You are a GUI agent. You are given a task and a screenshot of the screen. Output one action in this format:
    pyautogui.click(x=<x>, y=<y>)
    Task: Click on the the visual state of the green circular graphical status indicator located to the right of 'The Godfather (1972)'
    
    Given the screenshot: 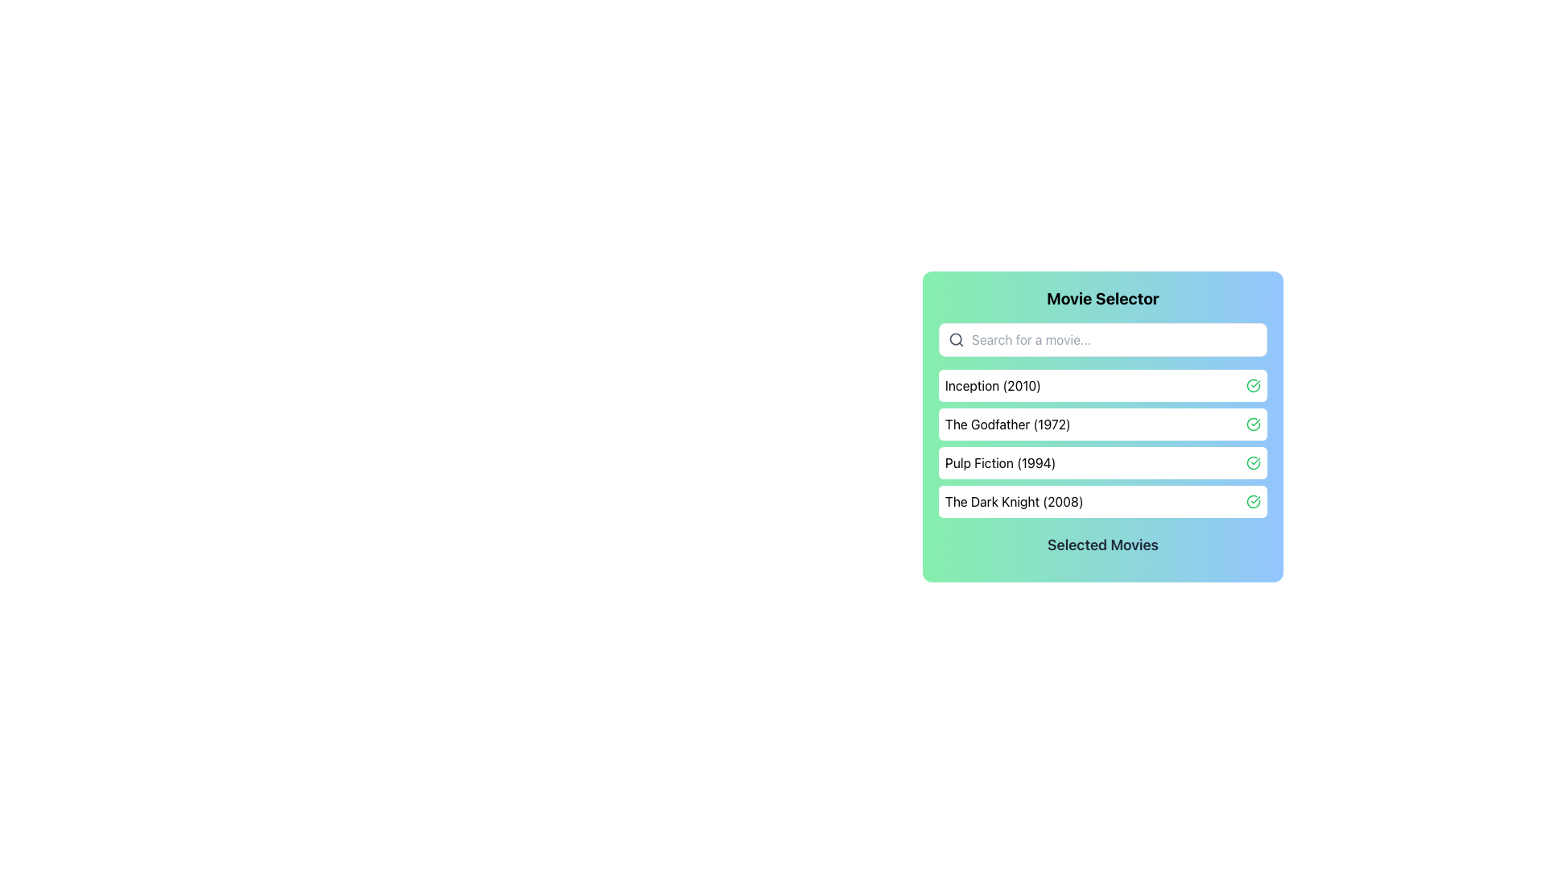 What is the action you would take?
    pyautogui.click(x=1252, y=424)
    